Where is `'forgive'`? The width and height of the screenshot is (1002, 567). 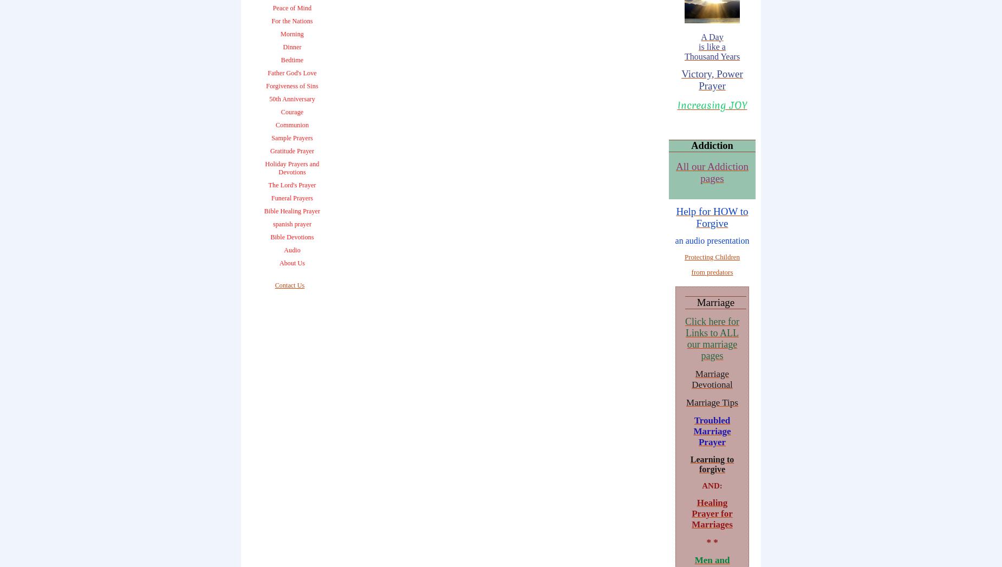 'forgive' is located at coordinates (711, 468).